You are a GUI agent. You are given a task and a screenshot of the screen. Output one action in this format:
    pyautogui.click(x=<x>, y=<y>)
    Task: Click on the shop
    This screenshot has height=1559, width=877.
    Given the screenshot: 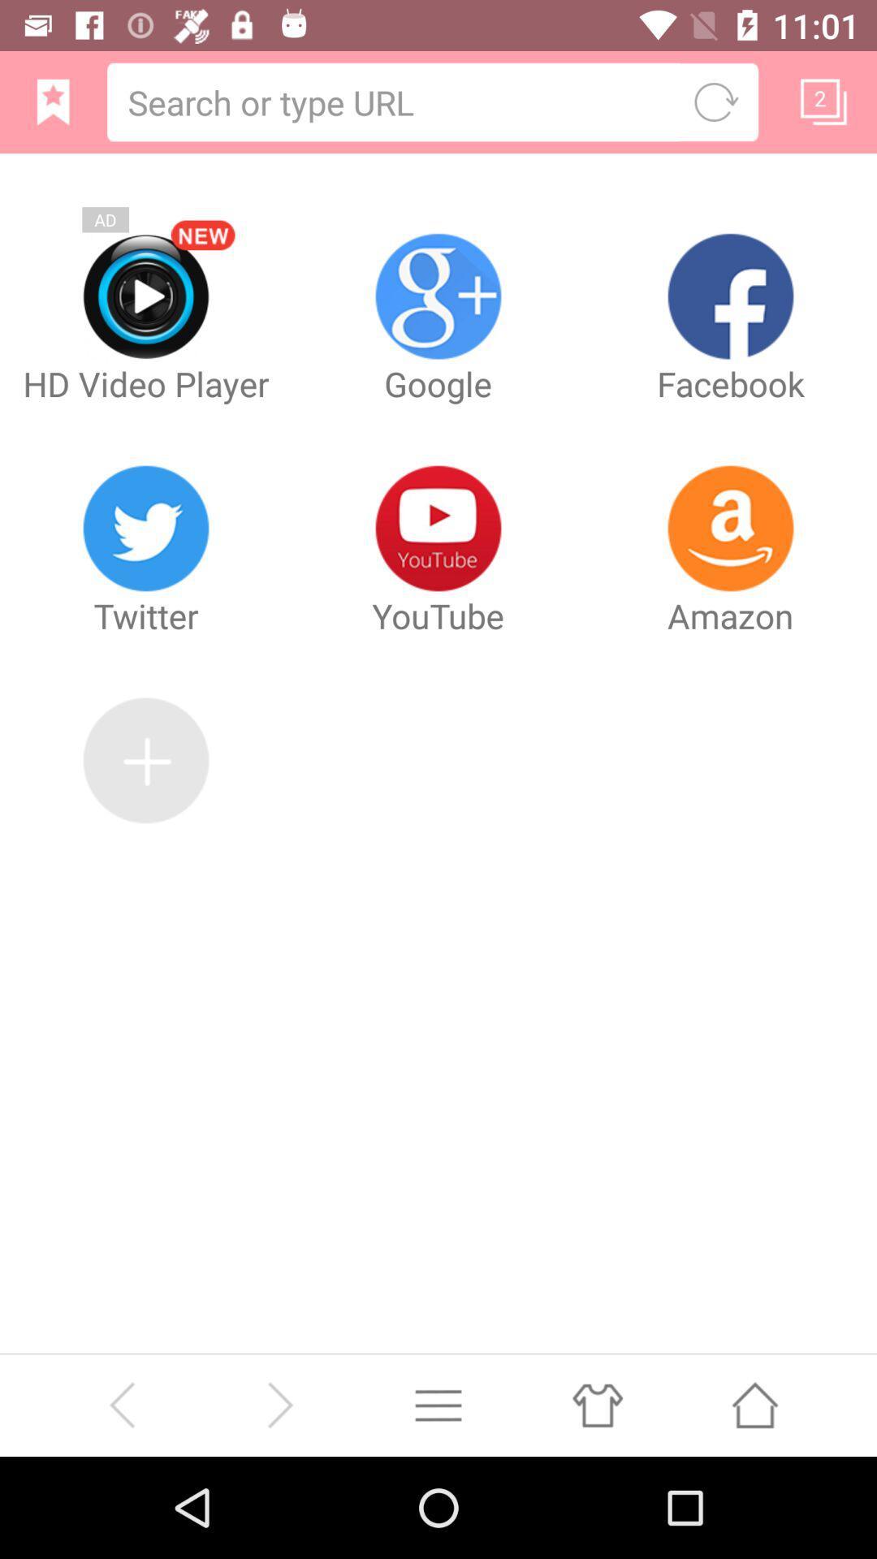 What is the action you would take?
    pyautogui.click(x=597, y=1404)
    